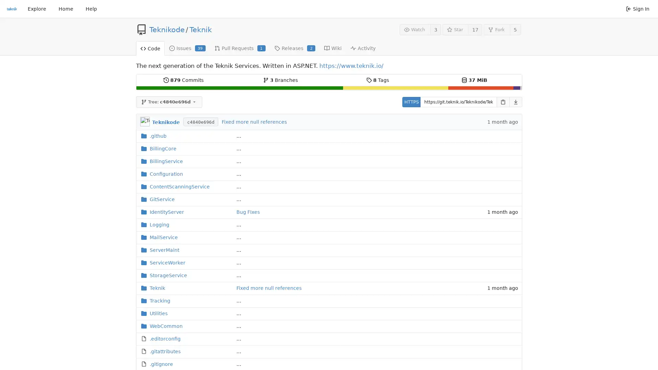 This screenshot has width=658, height=370. I want to click on Star, so click(455, 29).